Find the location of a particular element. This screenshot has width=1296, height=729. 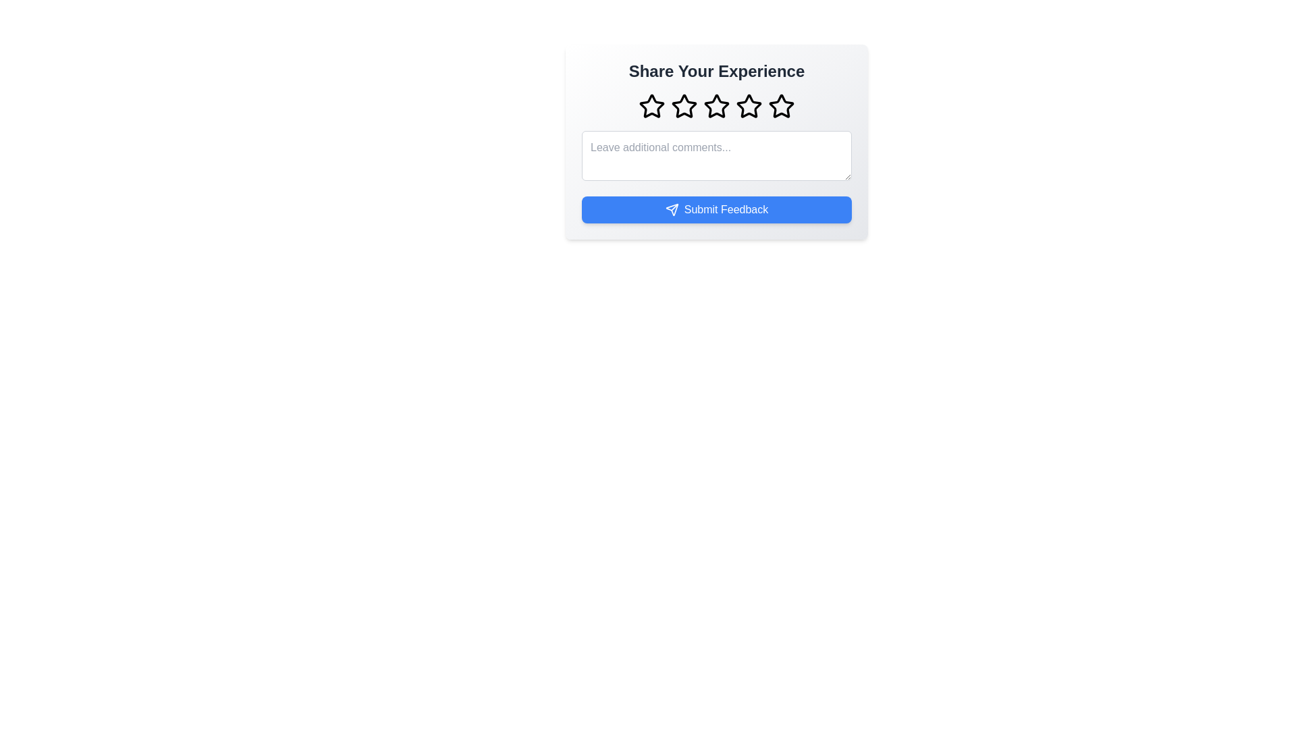

the first star icon in the horizontal row is located at coordinates (651, 105).